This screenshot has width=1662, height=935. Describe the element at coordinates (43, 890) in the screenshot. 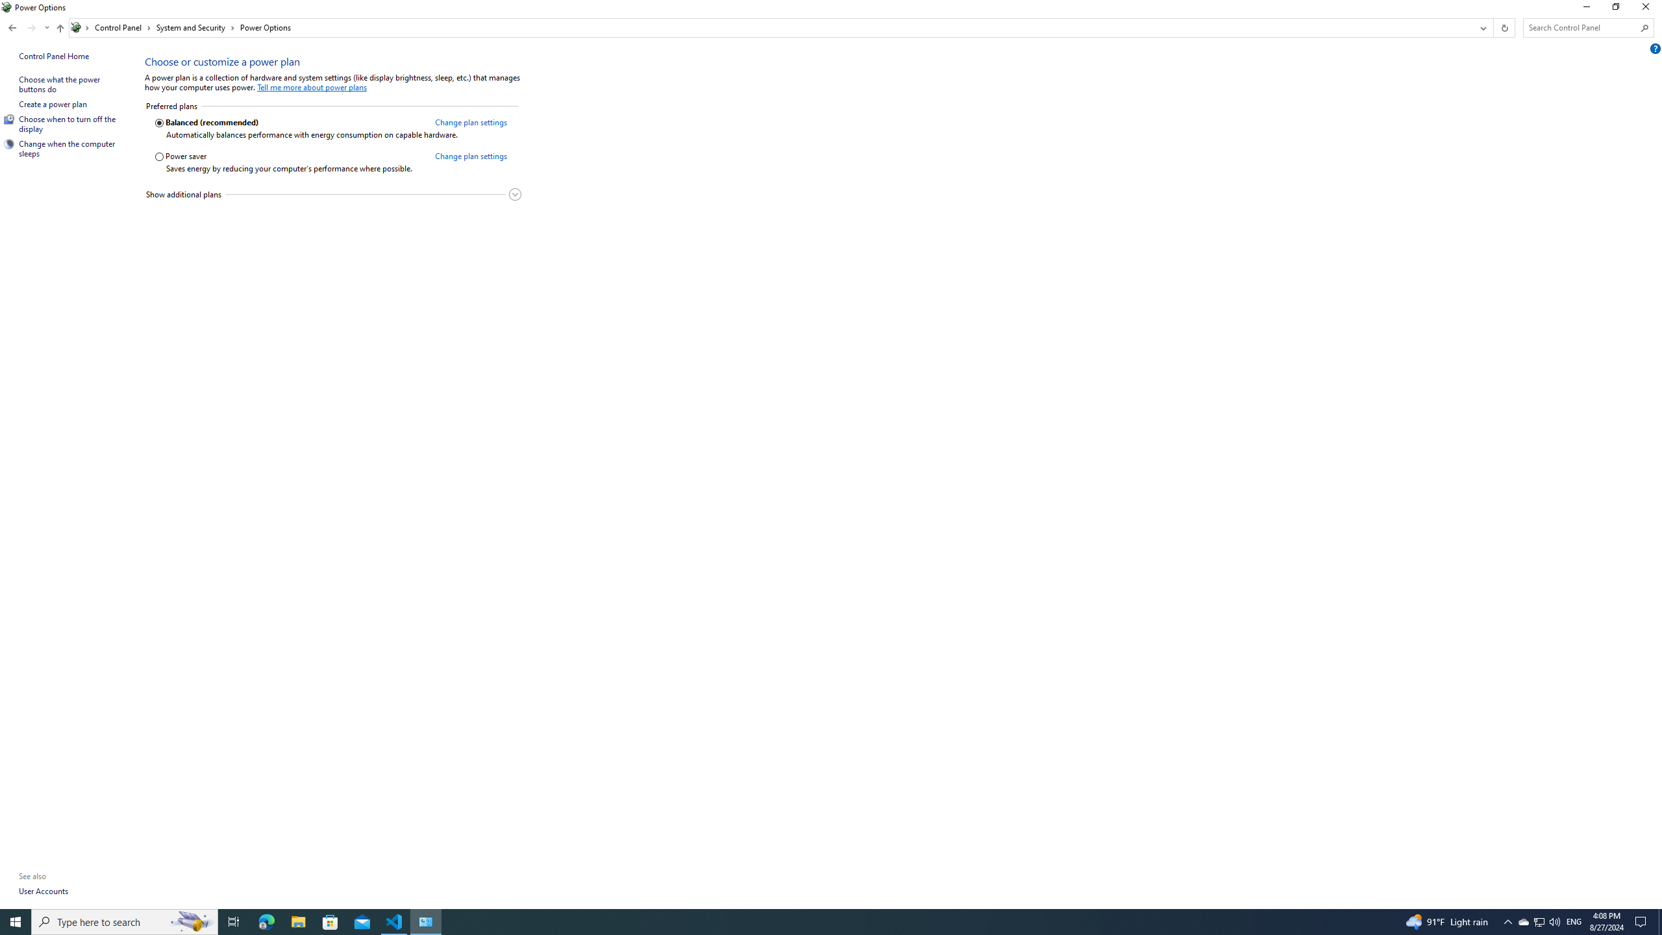

I see `'User Accounts'` at that location.